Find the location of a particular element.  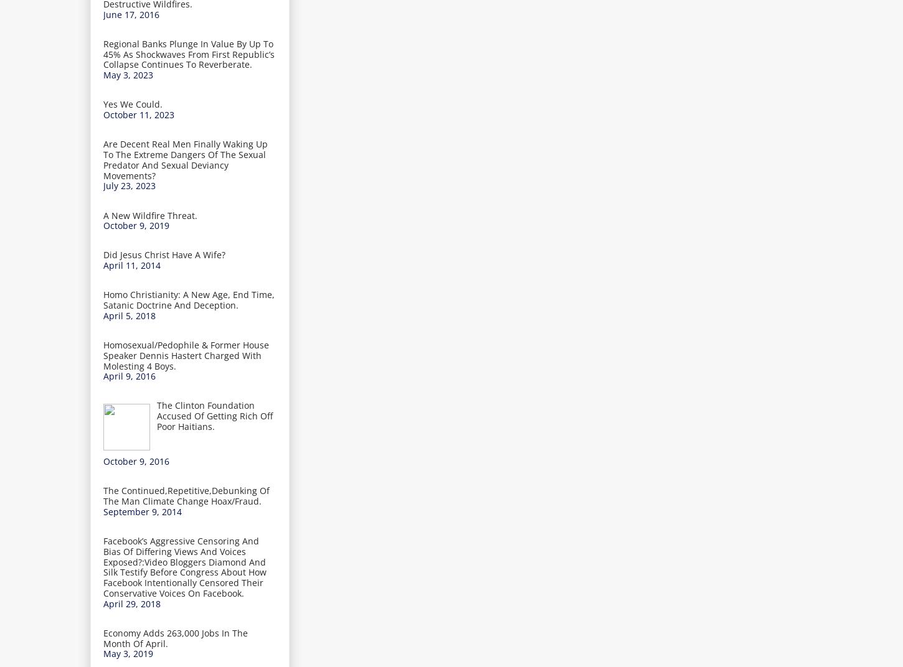

'Are Decent Real Men Finally Waking Up To The Extreme Dangers Of The Sexual Predator And Sexual Deviancy Movements?' is located at coordinates (185, 159).